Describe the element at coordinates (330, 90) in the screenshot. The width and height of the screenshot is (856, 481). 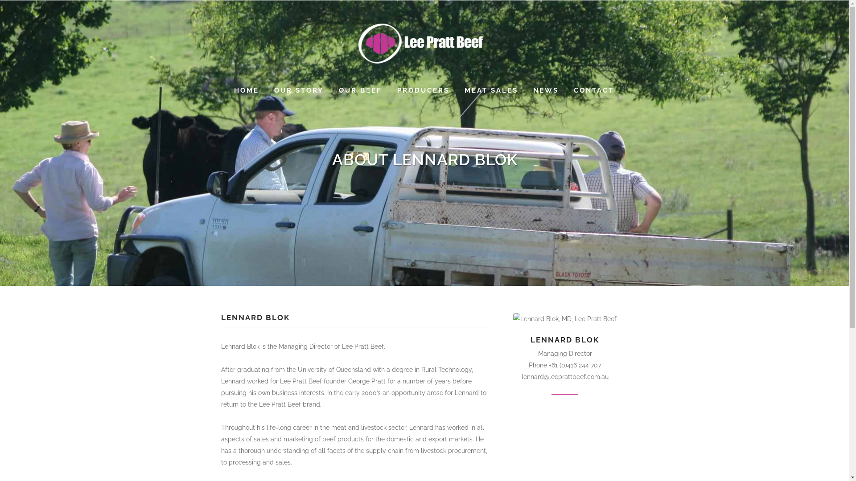
I see `'OUR BEEF'` at that location.